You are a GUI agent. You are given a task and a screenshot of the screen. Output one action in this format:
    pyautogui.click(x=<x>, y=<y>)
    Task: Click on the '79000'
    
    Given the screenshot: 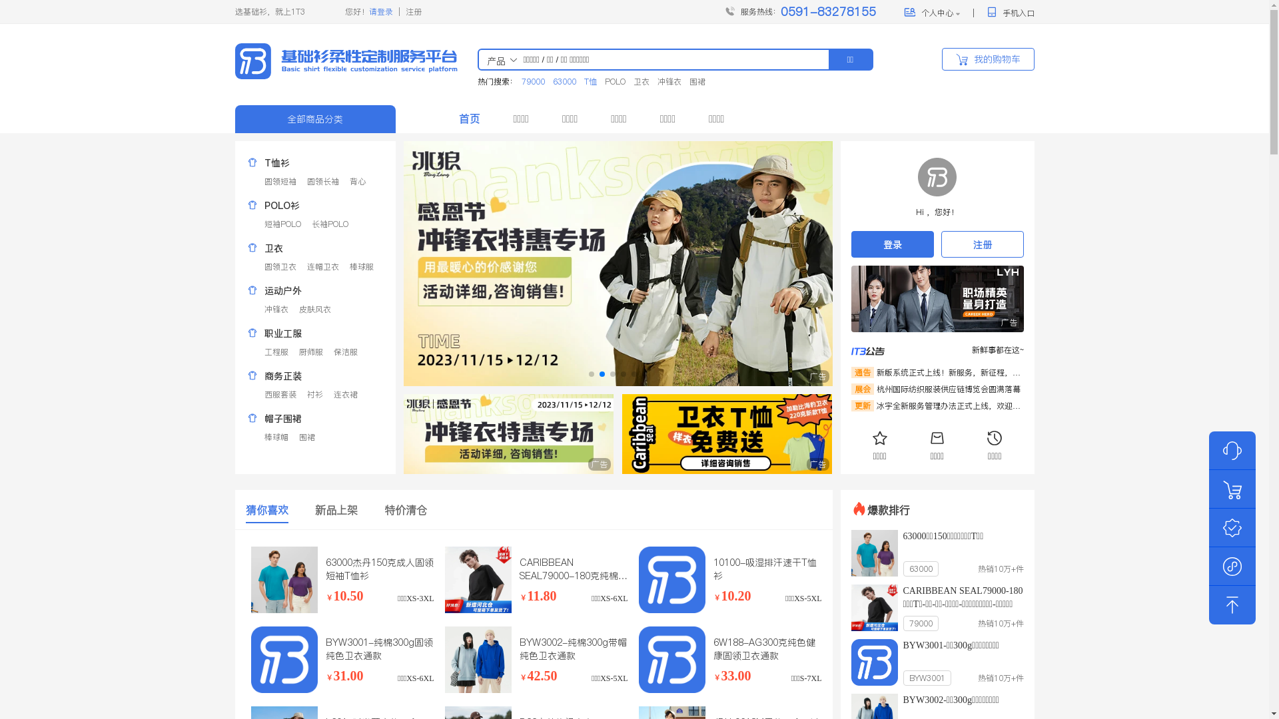 What is the action you would take?
    pyautogui.click(x=532, y=81)
    